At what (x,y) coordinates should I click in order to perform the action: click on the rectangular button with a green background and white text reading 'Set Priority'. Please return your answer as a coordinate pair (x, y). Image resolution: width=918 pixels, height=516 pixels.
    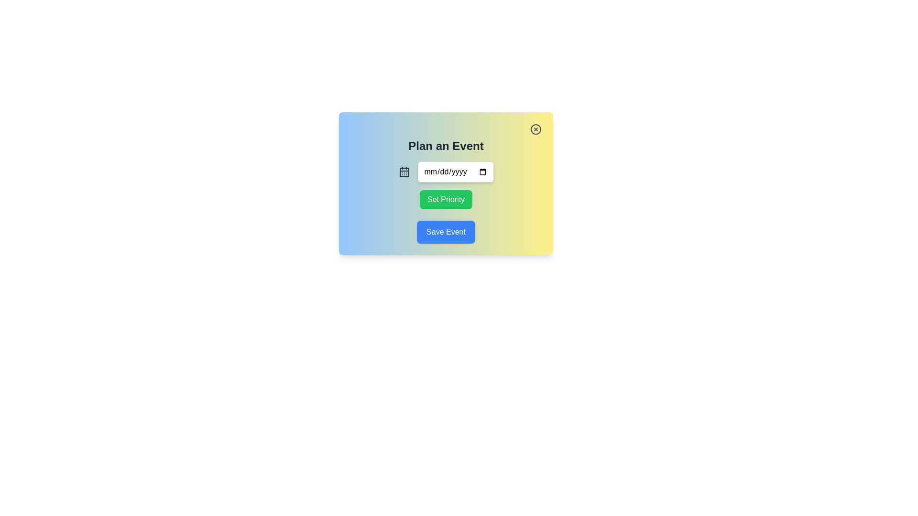
    Looking at the image, I should click on (445, 199).